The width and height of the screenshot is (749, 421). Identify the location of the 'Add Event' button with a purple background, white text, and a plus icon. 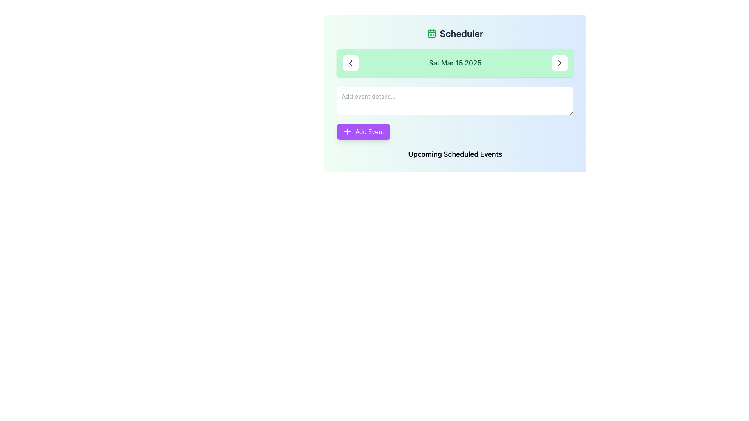
(363, 131).